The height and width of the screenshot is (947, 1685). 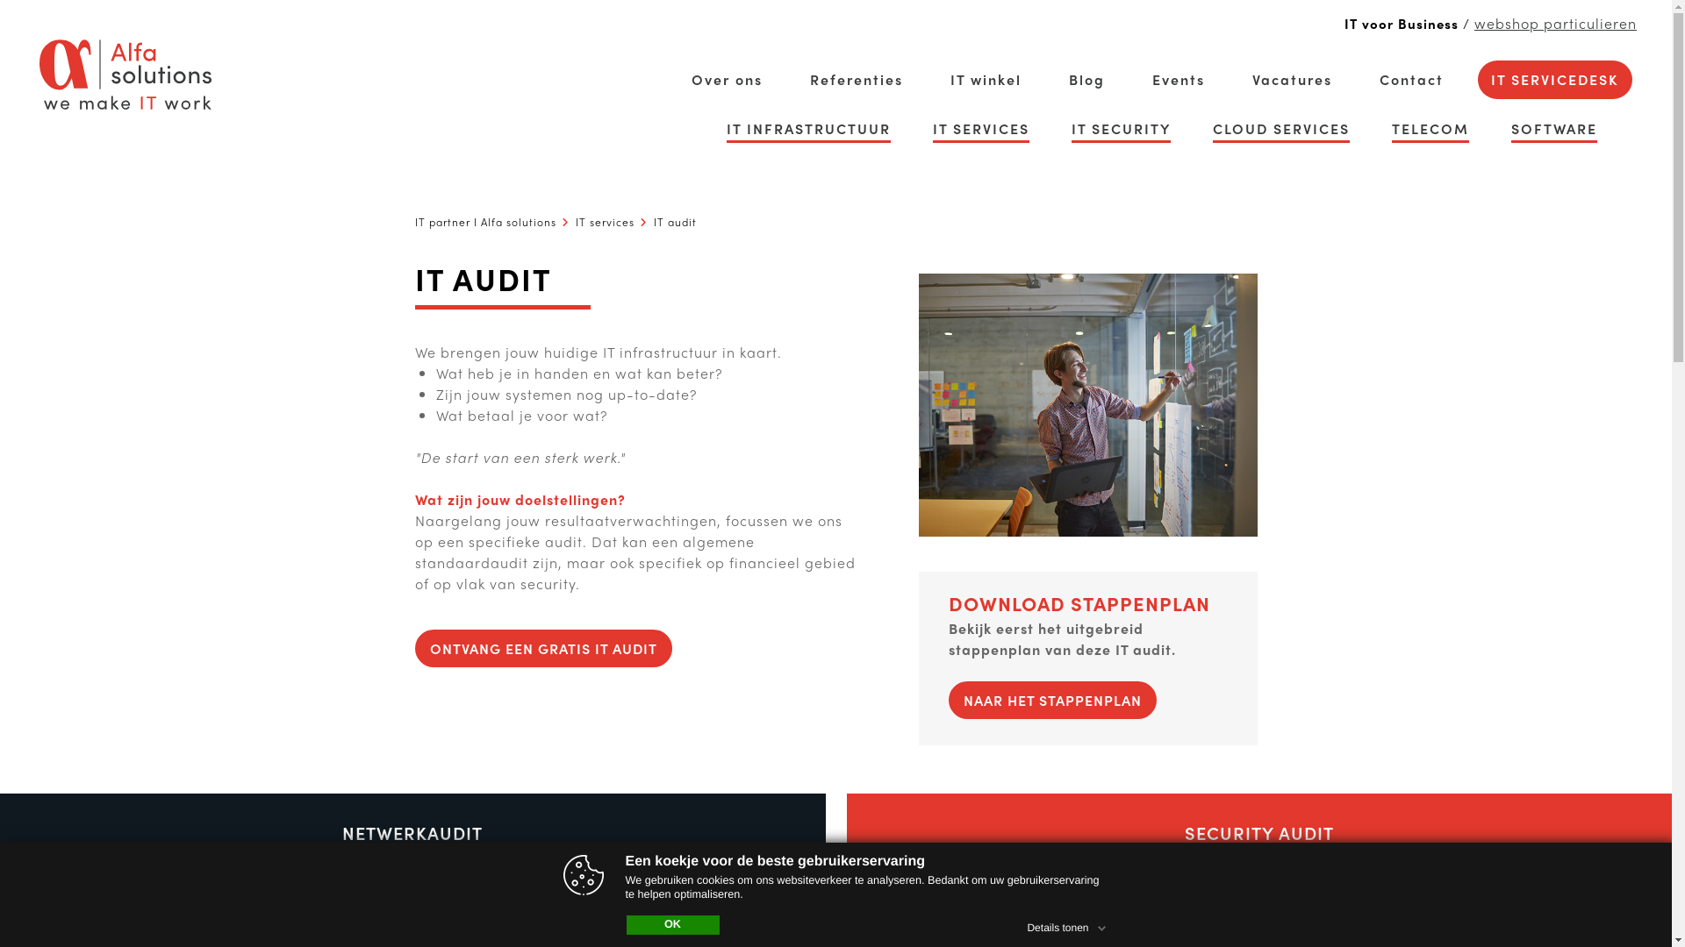 I want to click on 'IT INFRASTRUCTUUR', so click(x=807, y=127).